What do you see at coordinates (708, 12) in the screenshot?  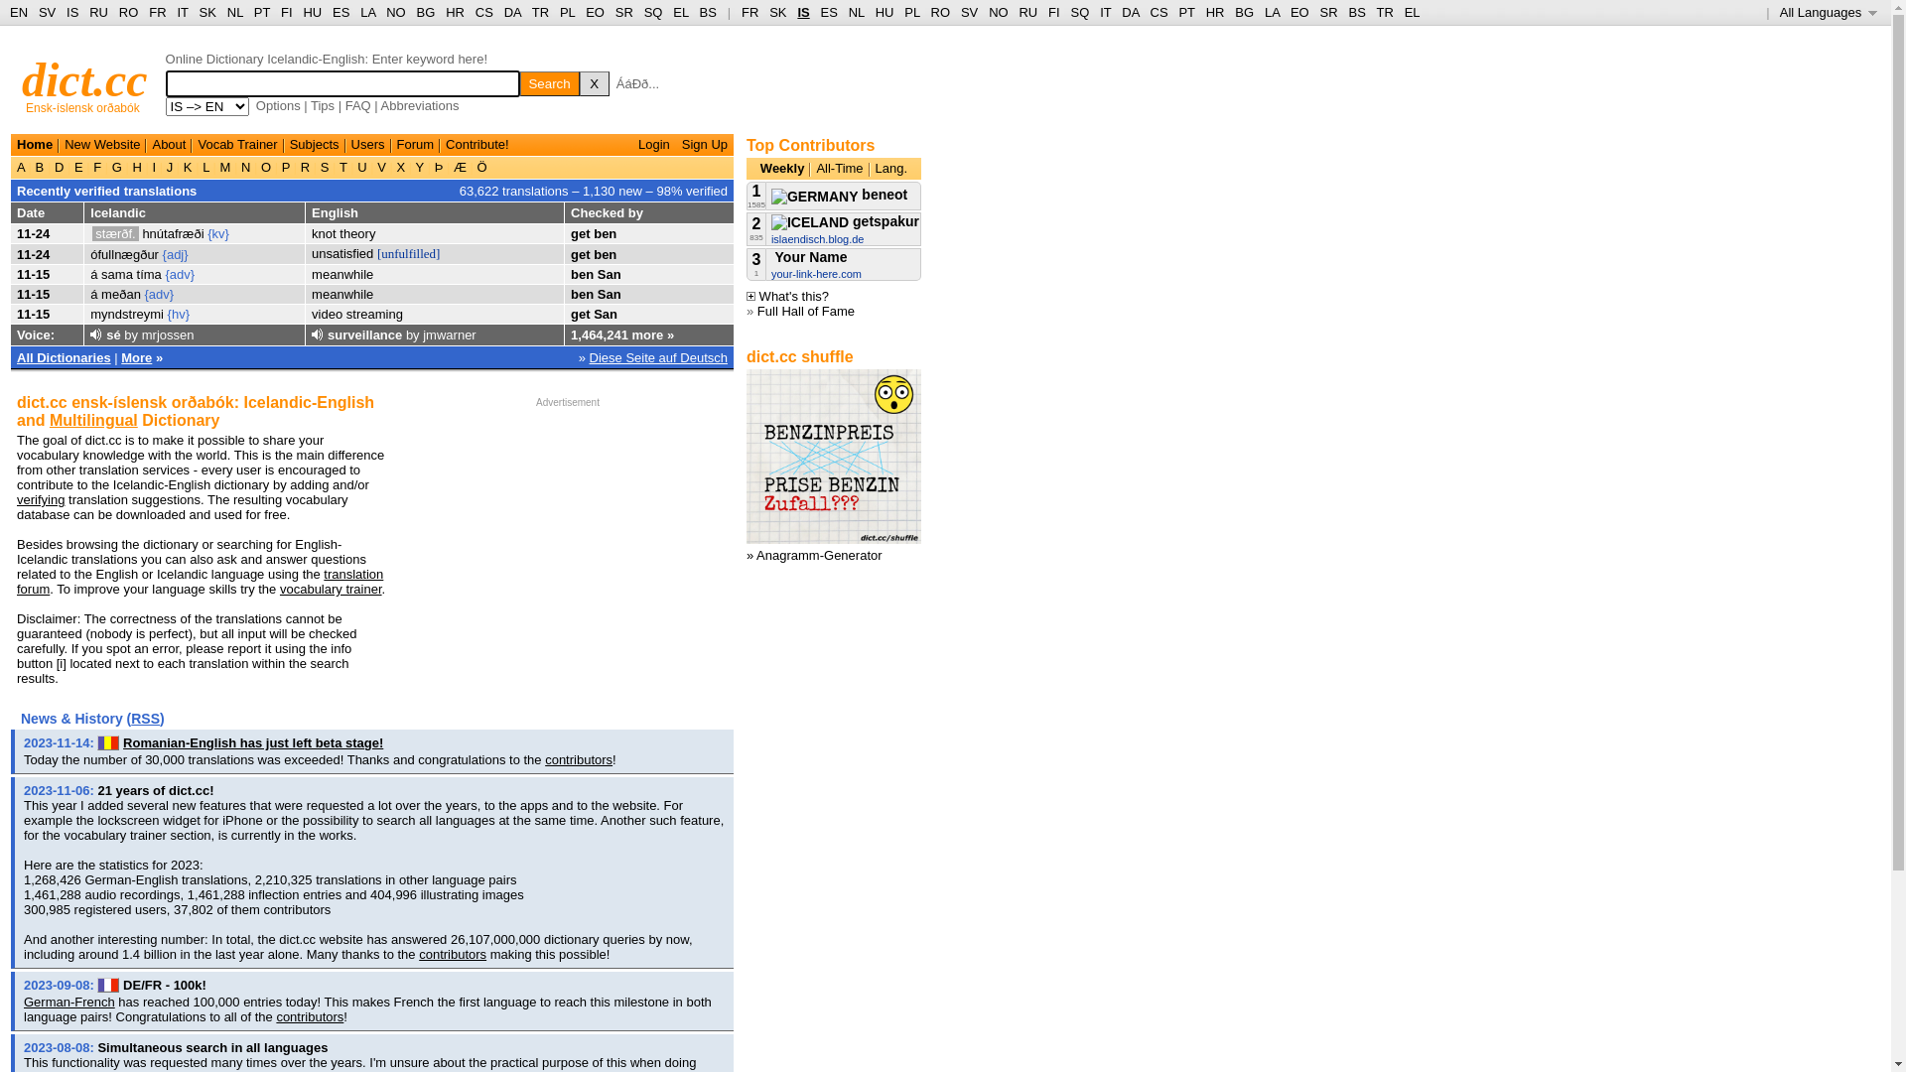 I see `'BS'` at bounding box center [708, 12].